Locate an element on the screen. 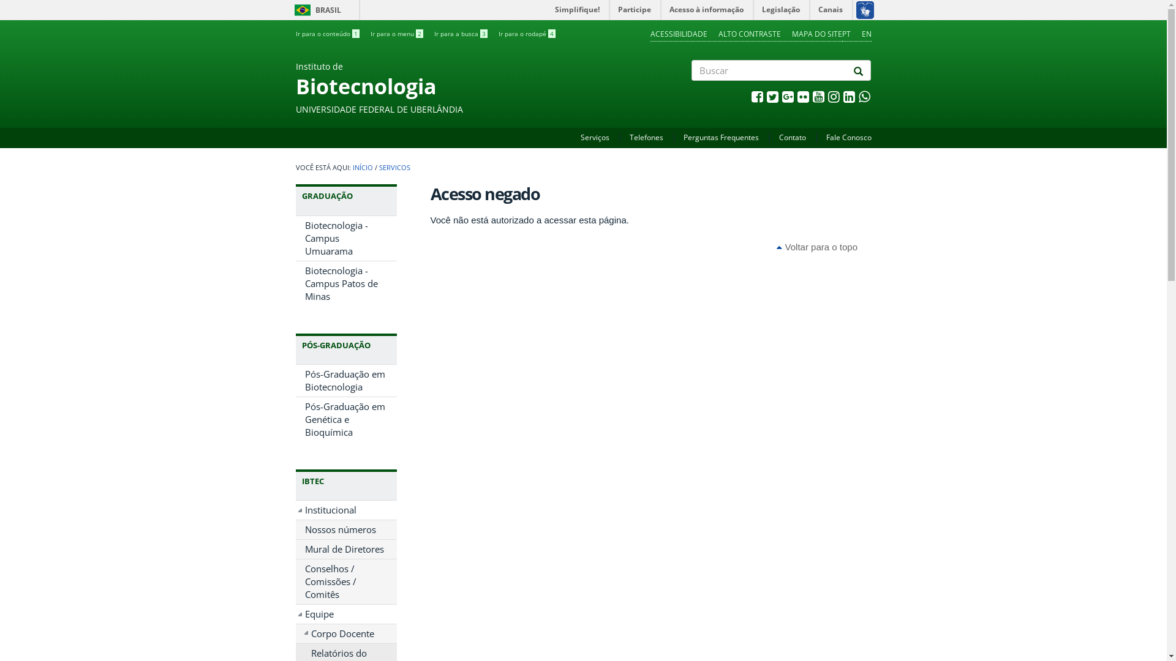  'EN' is located at coordinates (865, 33).